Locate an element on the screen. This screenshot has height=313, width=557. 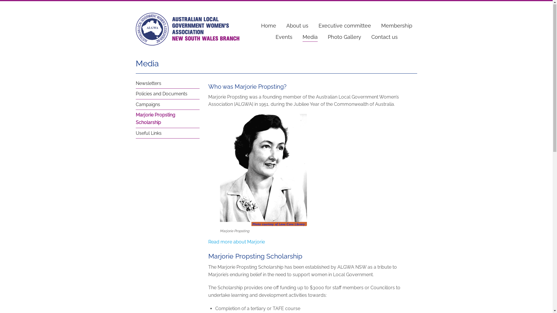
'Read more about Marjorie' is located at coordinates (208, 242).